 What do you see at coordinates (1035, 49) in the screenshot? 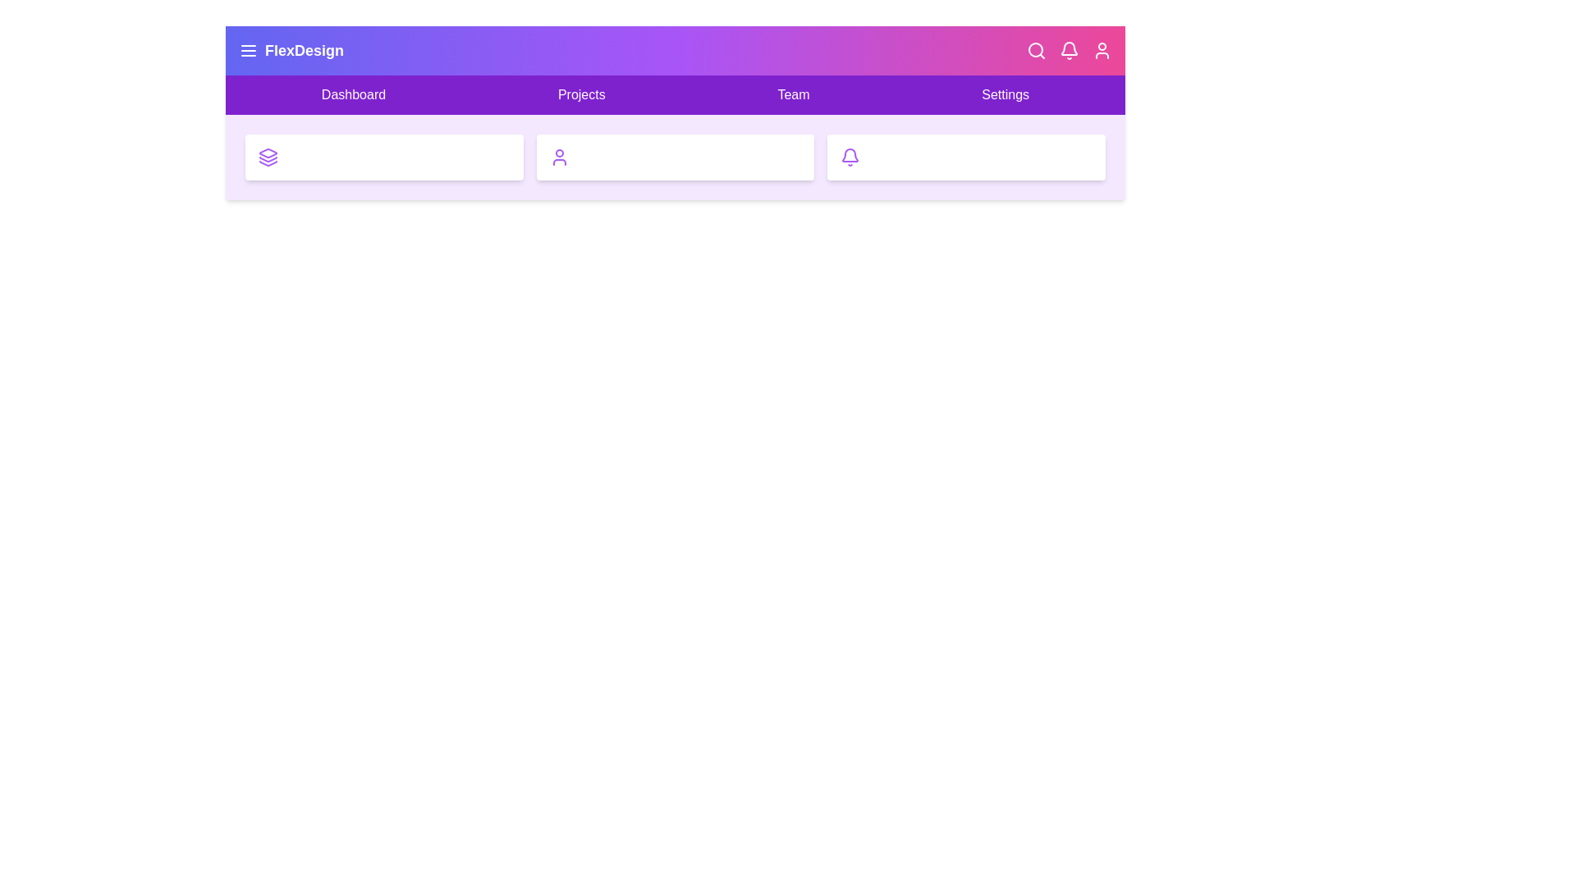
I see `the Search icon in the top bar` at bounding box center [1035, 49].